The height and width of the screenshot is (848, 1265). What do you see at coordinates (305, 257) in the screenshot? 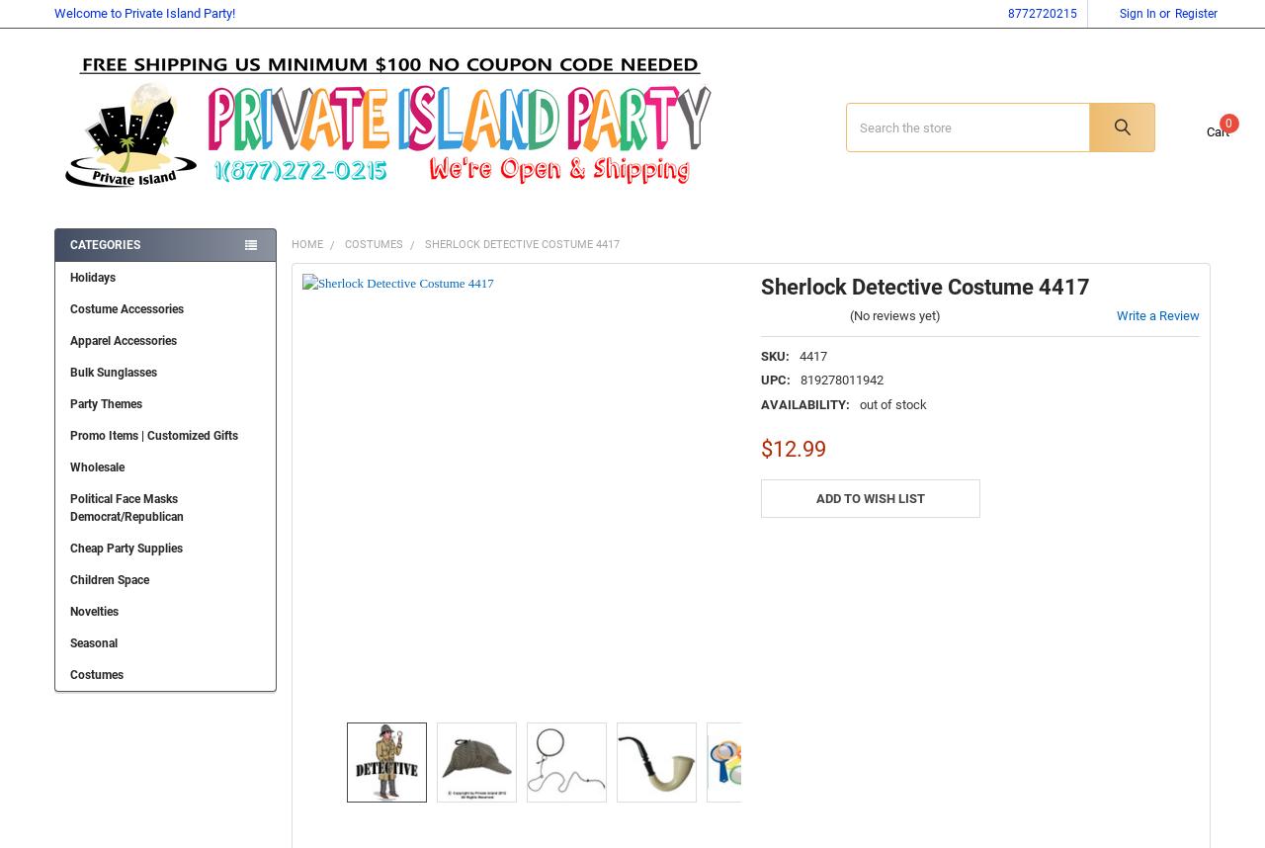
I see `'Home'` at bounding box center [305, 257].